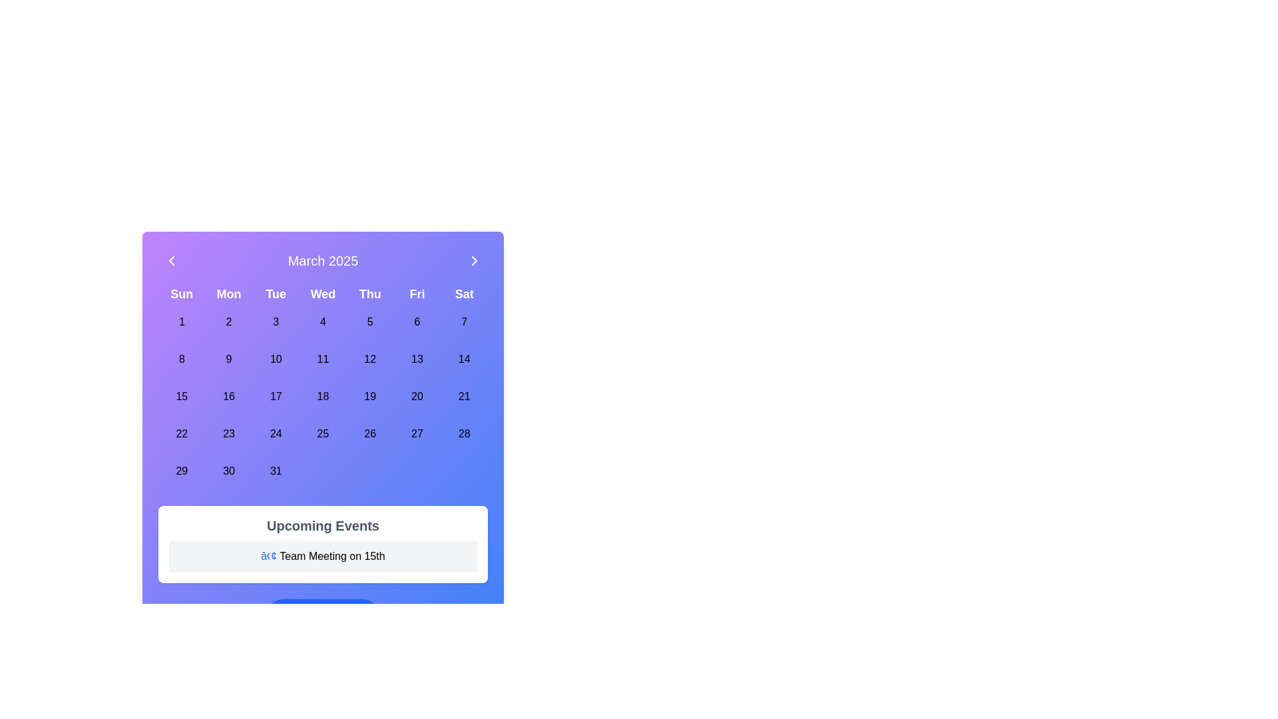  Describe the element at coordinates (323, 261) in the screenshot. I see `text content of the calendar month and year display located at the center of the top section of the calendar component` at that location.